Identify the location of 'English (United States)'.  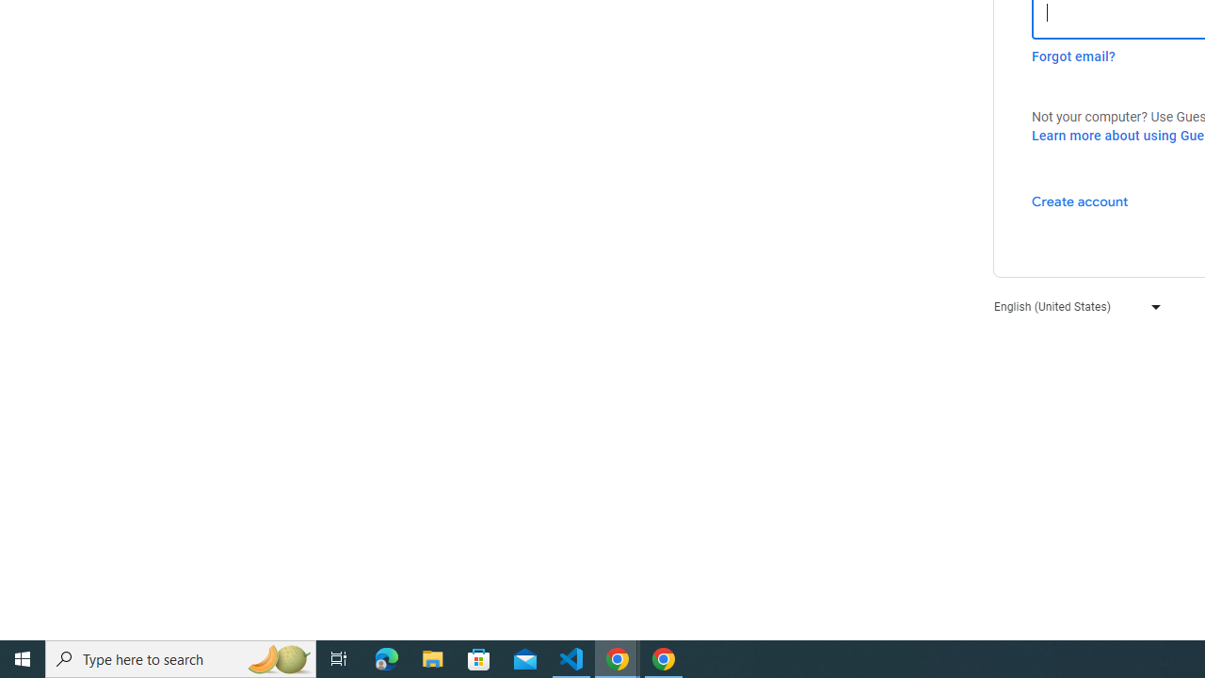
(1072, 305).